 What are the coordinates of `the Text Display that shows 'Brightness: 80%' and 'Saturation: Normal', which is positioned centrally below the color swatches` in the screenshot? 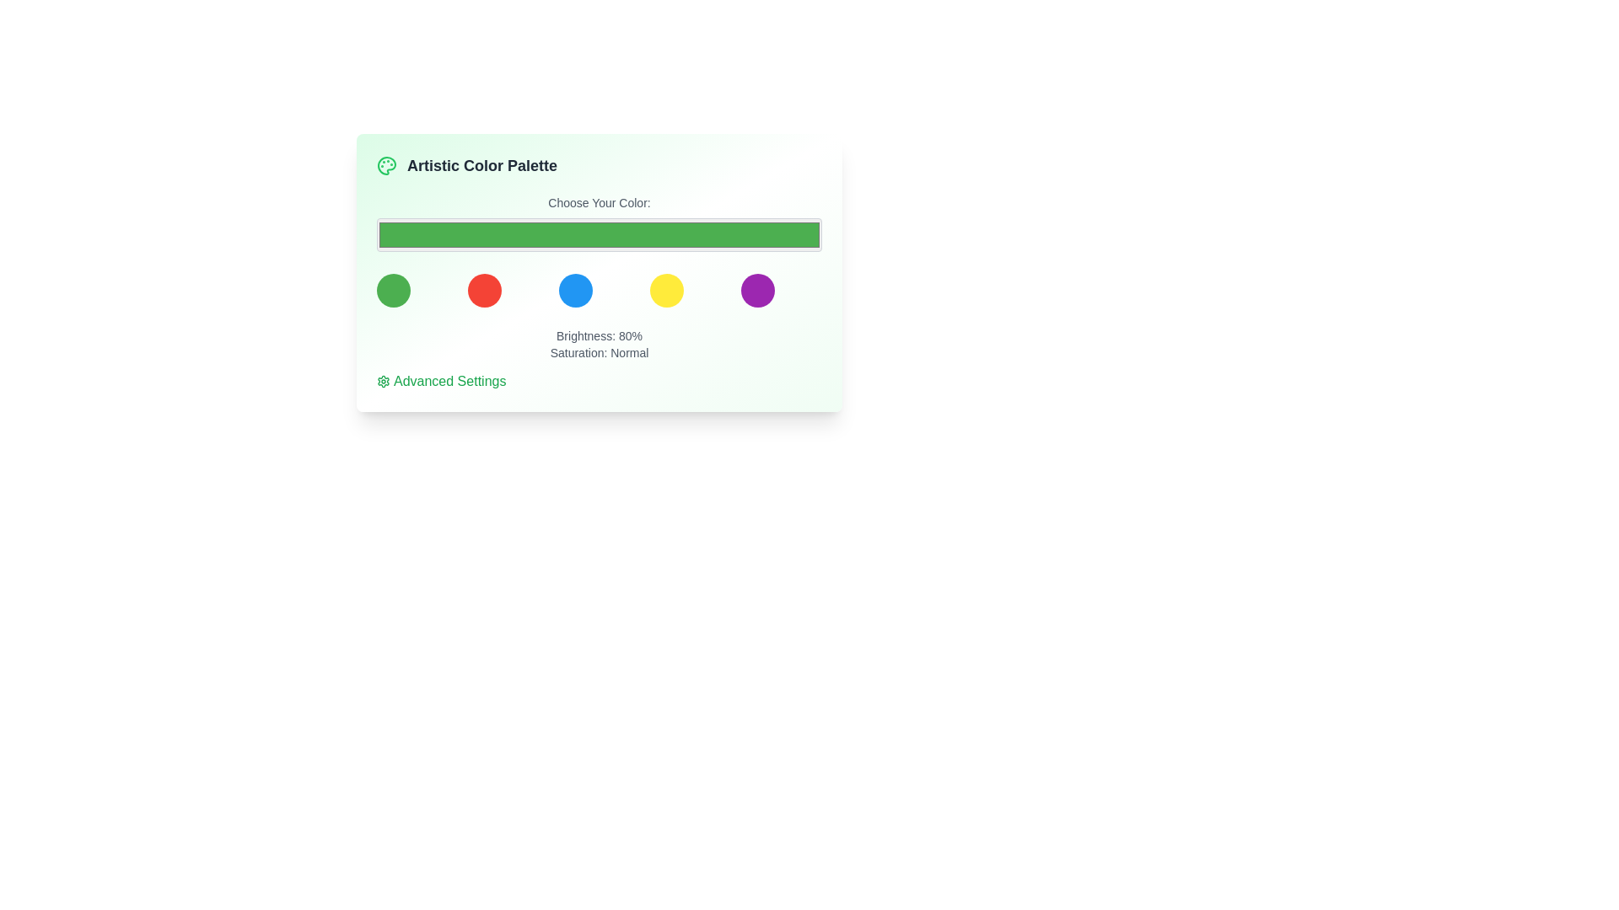 It's located at (599, 343).